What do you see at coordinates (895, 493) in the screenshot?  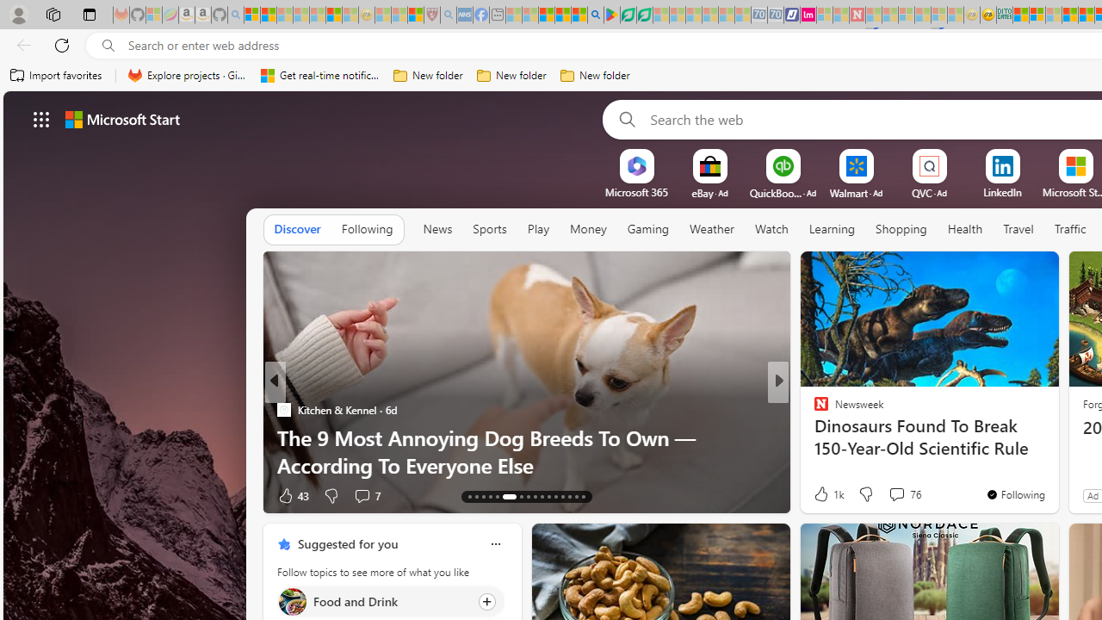 I see `'View comments 76 Comment'` at bounding box center [895, 493].